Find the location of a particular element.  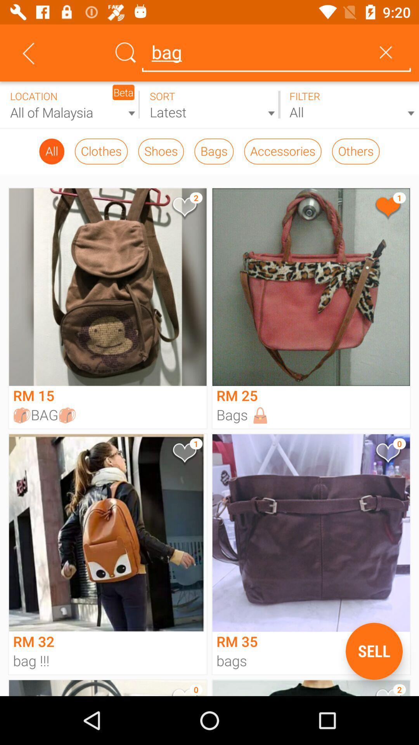

change location is located at coordinates (70, 104).